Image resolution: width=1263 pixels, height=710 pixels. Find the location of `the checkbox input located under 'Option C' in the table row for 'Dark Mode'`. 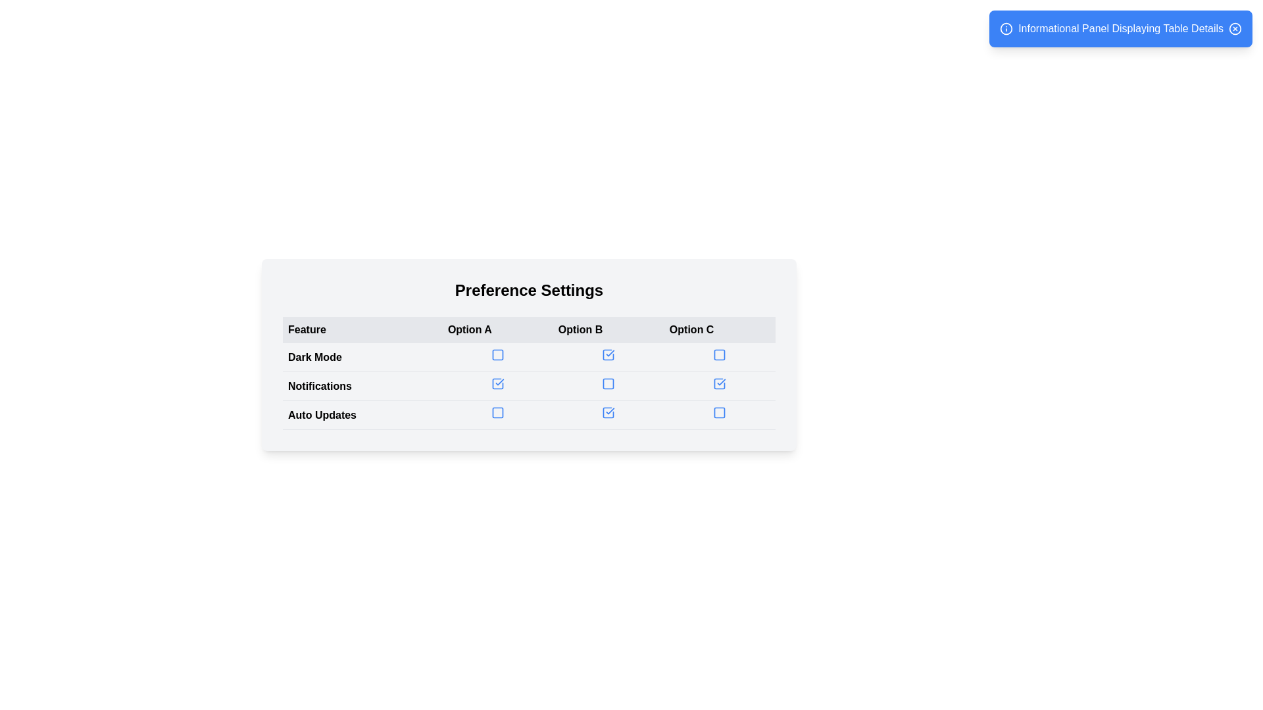

the checkbox input located under 'Option C' in the table row for 'Dark Mode' is located at coordinates (719, 357).